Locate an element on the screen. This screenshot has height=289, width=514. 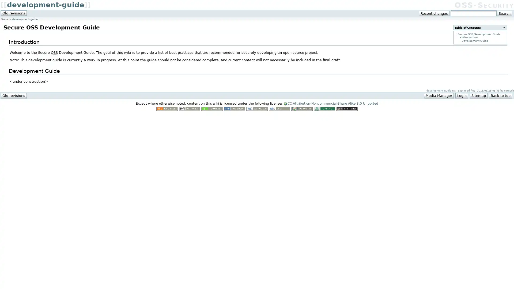
Back to top is located at coordinates (500, 95).